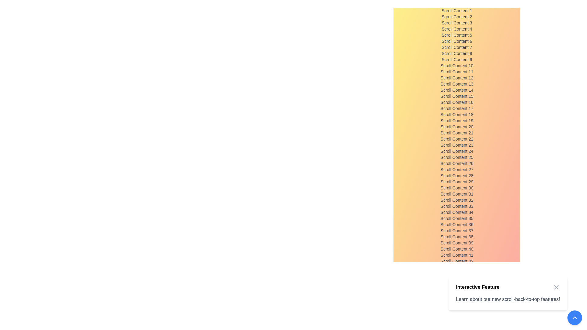  I want to click on the text label displaying 'Scroll Content 18' in gray font, located in a vertical list with a yellow to red background, so click(457, 114).